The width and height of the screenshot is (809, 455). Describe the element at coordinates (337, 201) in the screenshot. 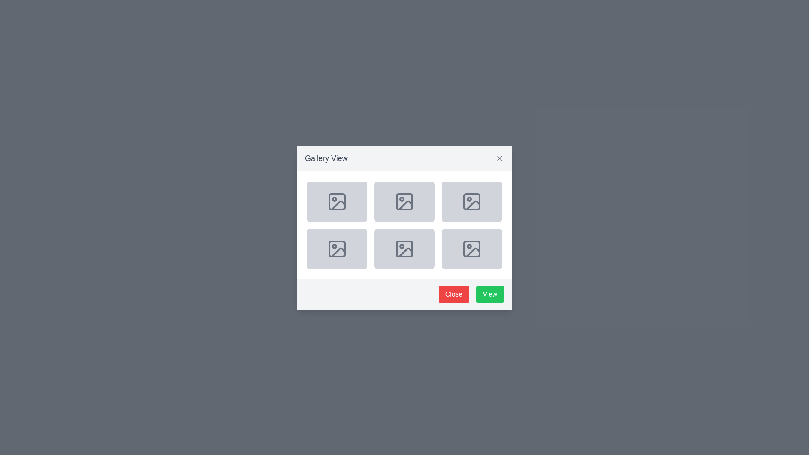

I see `the top-left image icon frame within the gallery modal, which represents the main structure of the image icon` at that location.